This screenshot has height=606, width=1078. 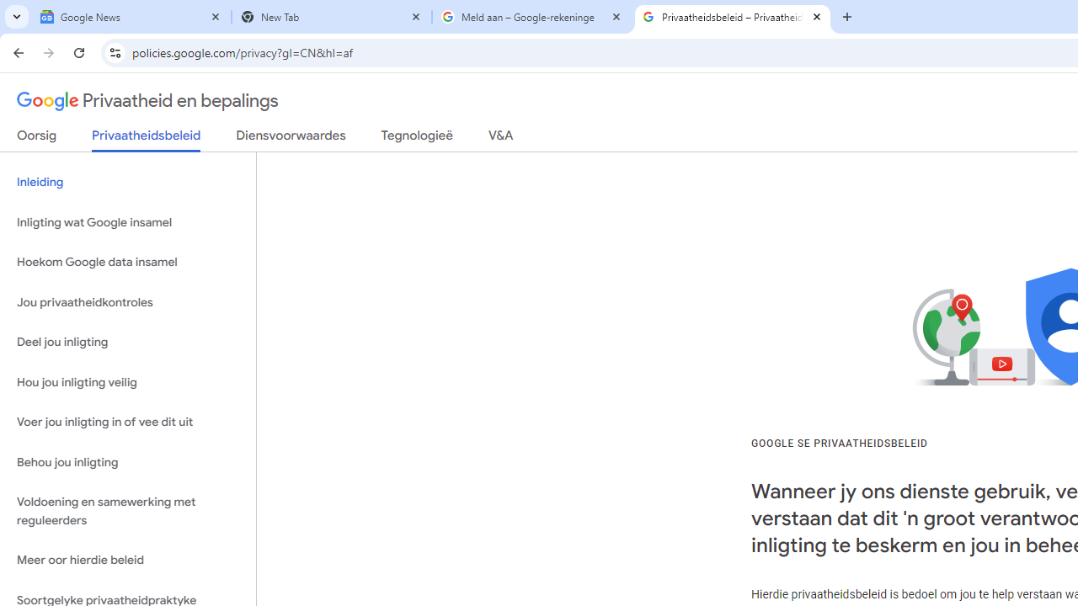 I want to click on 'Hou jou inligting veilig', so click(x=127, y=382).